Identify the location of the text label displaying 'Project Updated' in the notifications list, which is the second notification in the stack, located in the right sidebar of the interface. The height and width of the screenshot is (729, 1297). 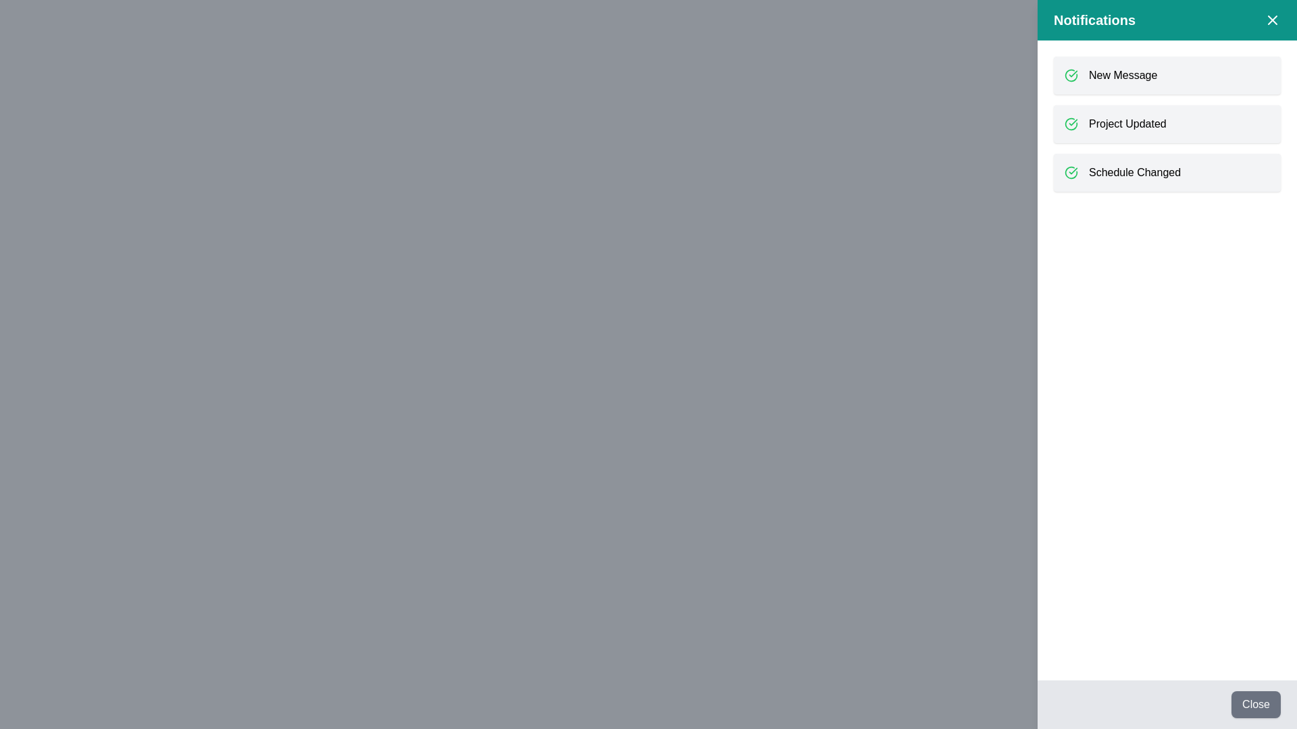
(1127, 124).